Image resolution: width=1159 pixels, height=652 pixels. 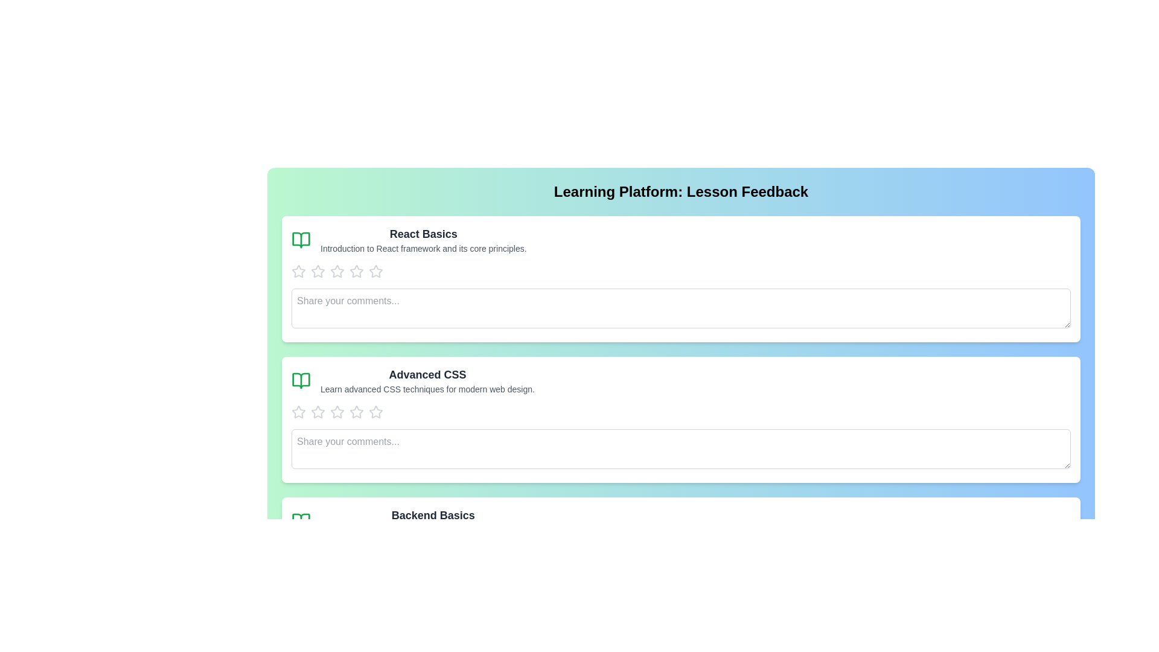 What do you see at coordinates (298, 270) in the screenshot?
I see `the first star icon from the left in the rating system for the 'React Basics' course to give a rating` at bounding box center [298, 270].